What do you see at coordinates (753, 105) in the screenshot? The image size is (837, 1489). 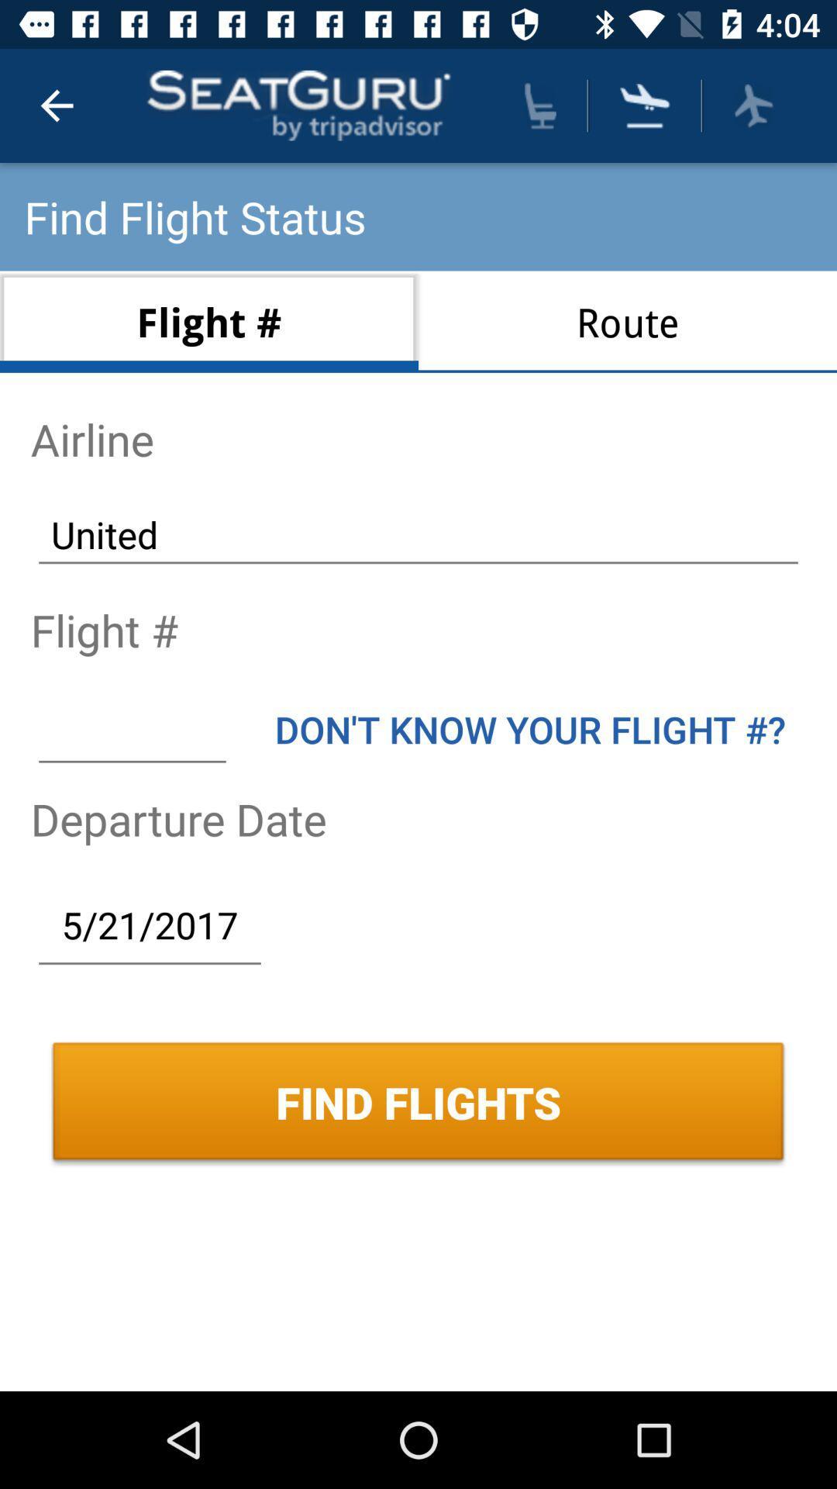 I see `flight status` at bounding box center [753, 105].